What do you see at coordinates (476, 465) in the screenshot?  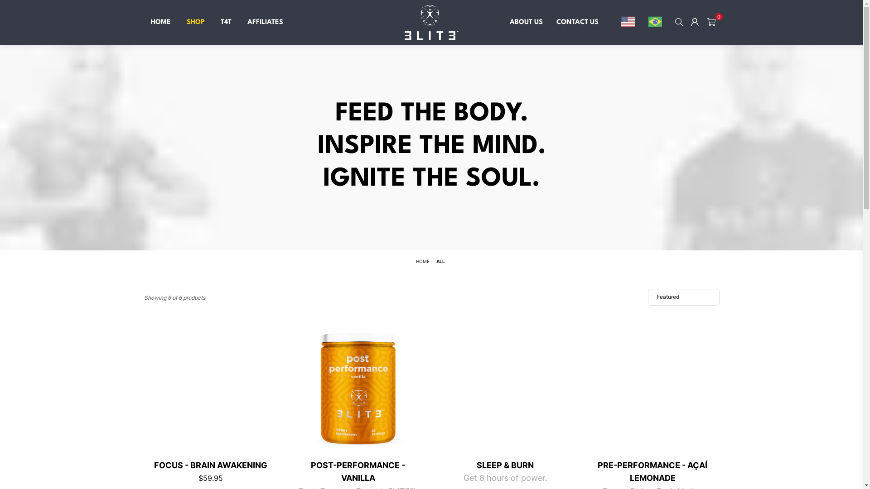 I see `'SLEEP & BURN'` at bounding box center [476, 465].